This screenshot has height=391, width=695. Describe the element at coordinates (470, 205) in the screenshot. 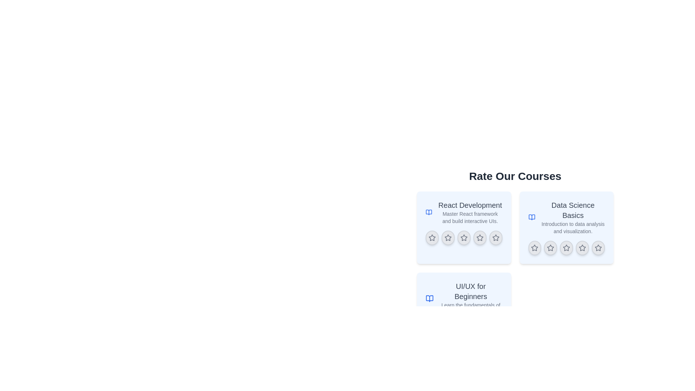

I see `the heading text that serves as the title for the course content in the first card of the grid` at that location.